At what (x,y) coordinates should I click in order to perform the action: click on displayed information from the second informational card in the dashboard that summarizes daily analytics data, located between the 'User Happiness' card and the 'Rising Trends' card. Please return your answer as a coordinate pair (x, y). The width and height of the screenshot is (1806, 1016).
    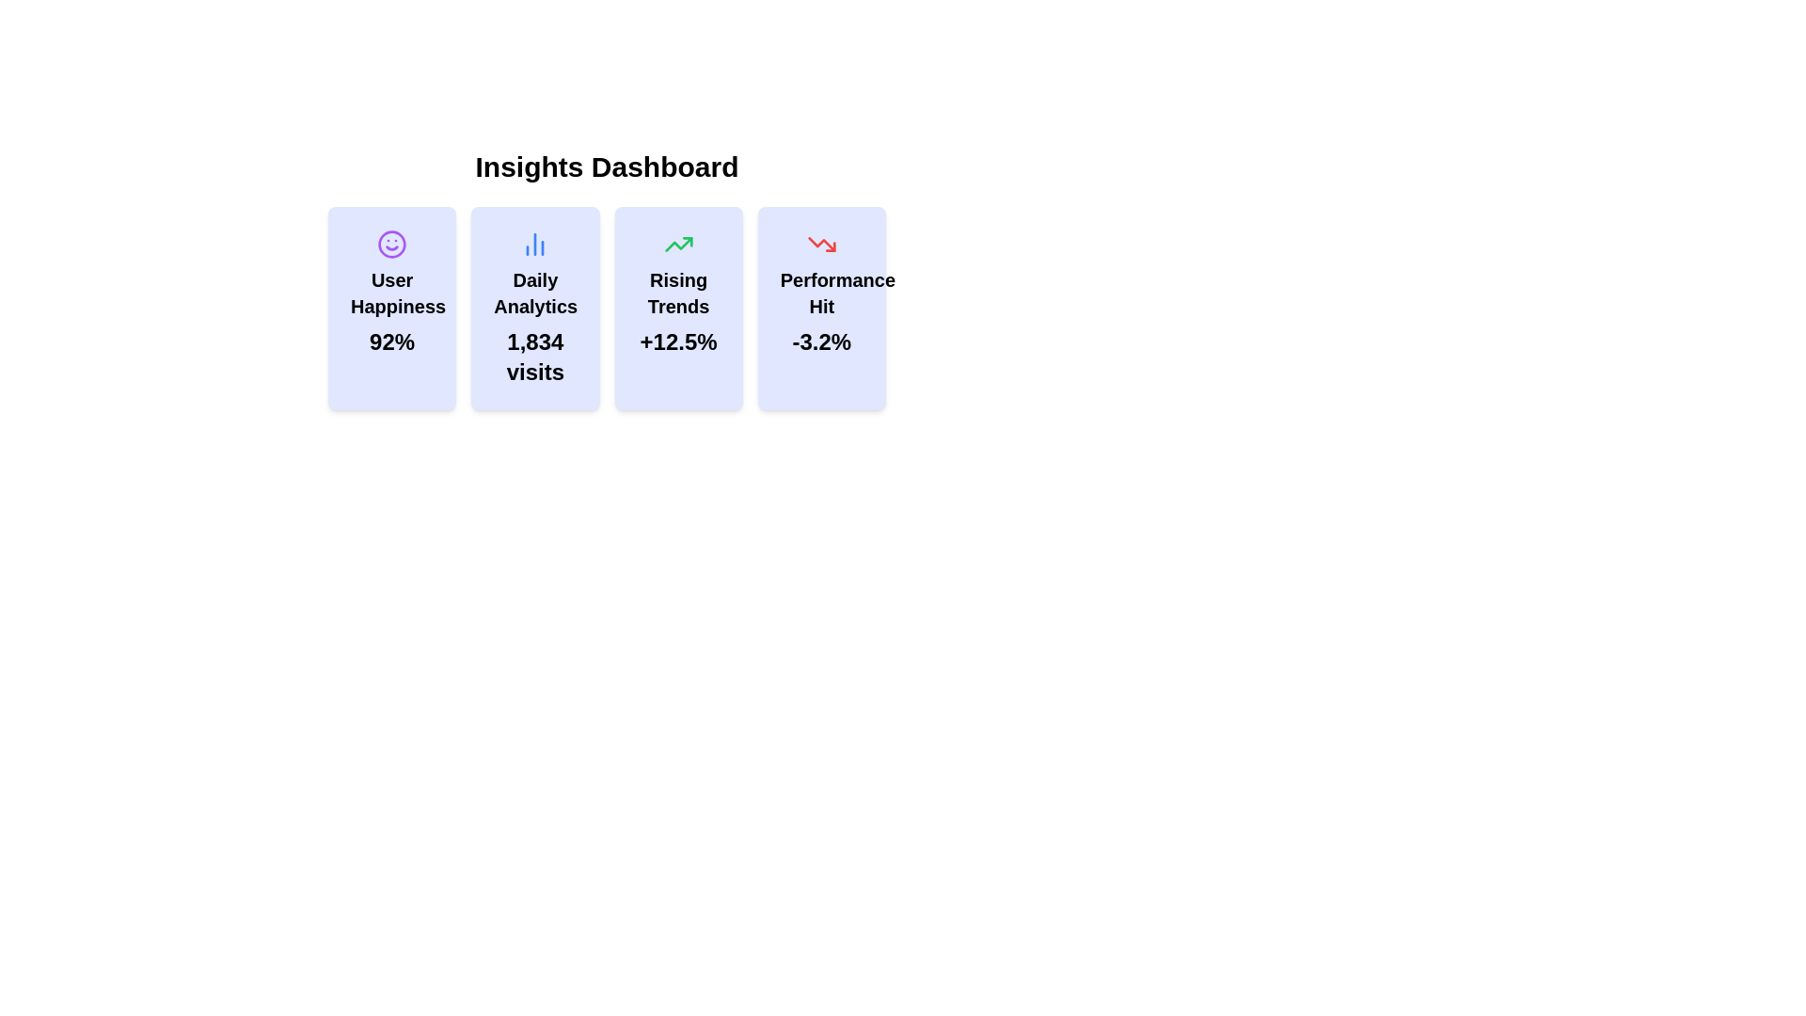
    Looking at the image, I should click on (534, 307).